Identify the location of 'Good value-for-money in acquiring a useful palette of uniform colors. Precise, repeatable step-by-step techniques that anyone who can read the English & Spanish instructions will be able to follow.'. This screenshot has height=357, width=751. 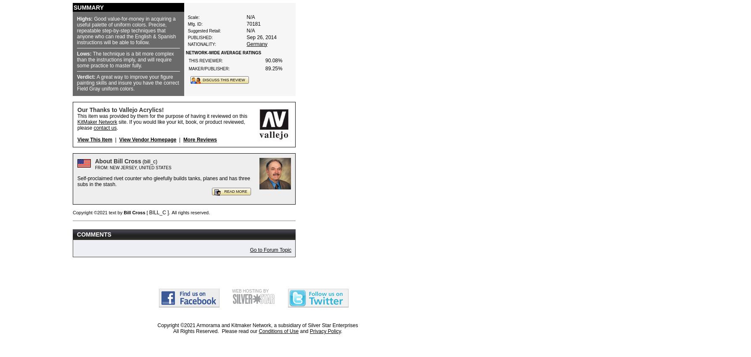
(126, 31).